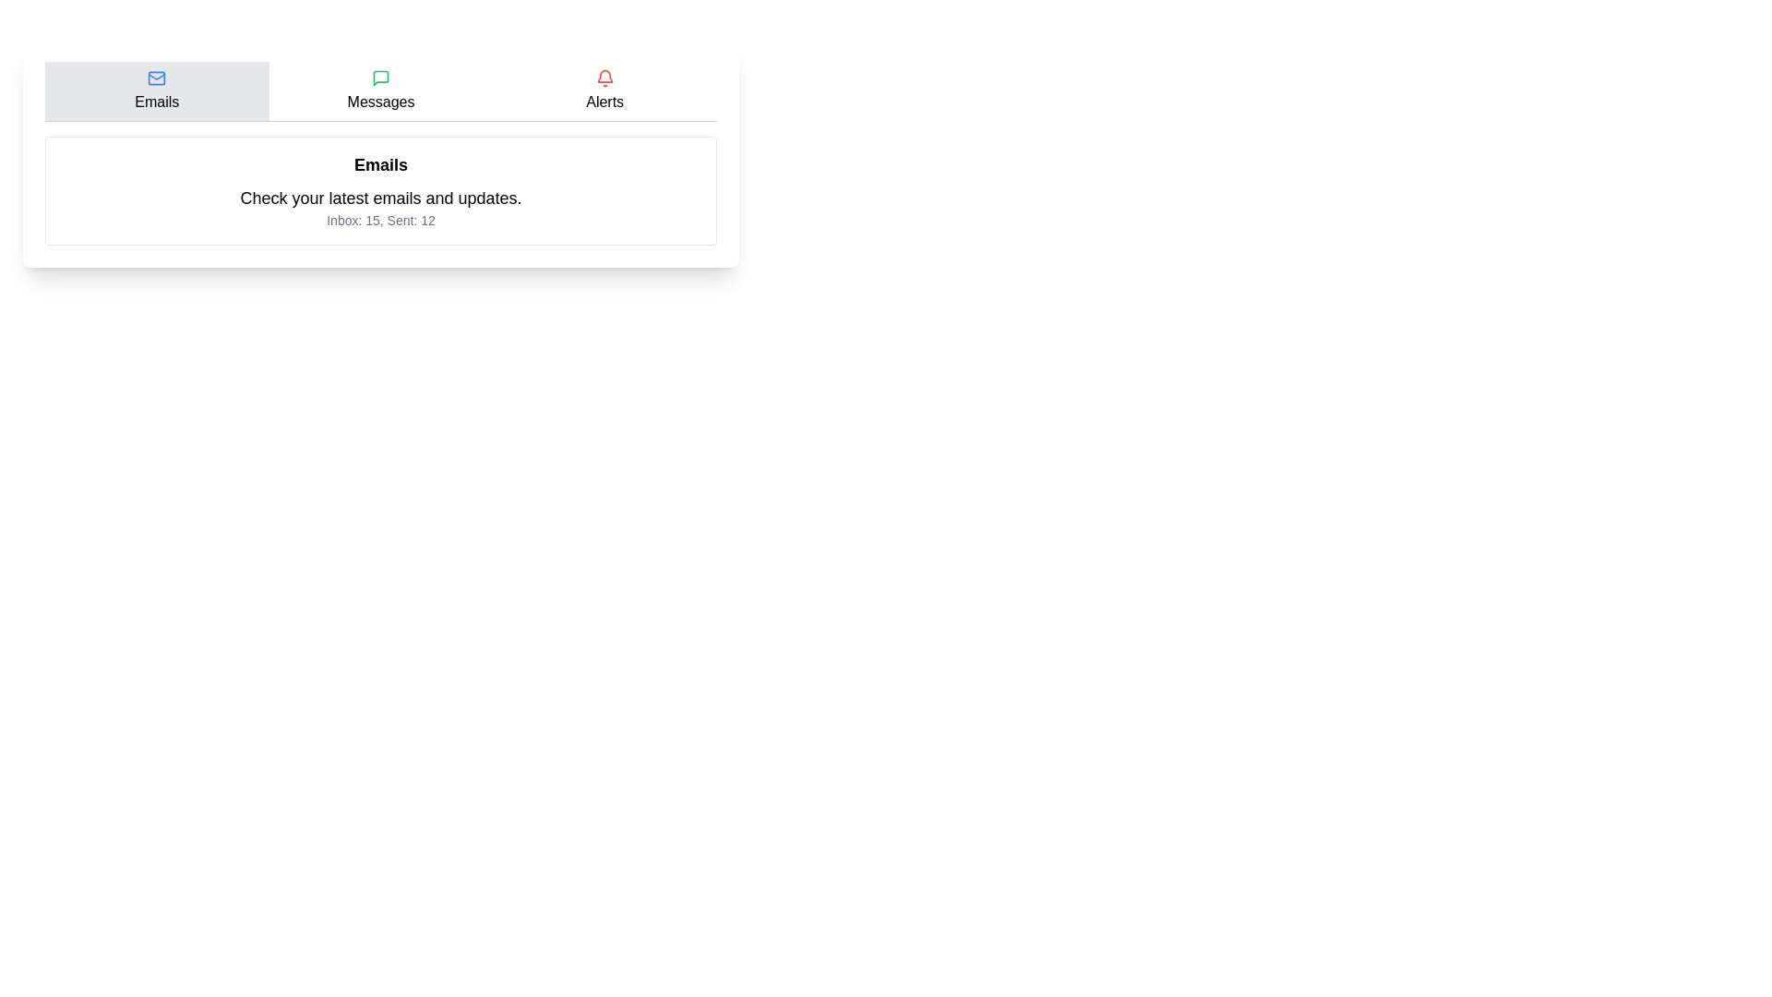  I want to click on the tab labeled Messages to observe its hover effect, so click(379, 91).